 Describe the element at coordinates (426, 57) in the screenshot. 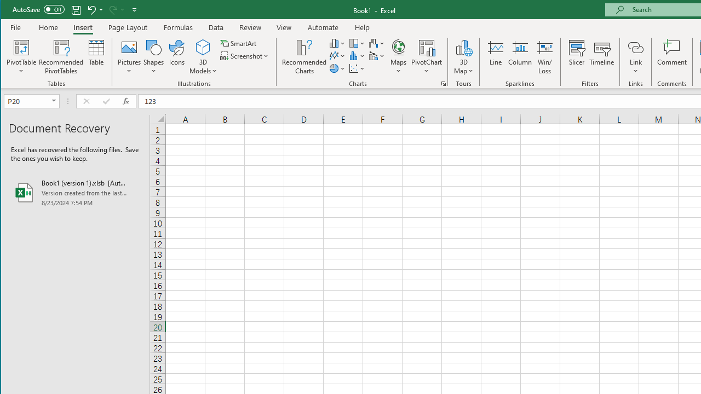

I see `'PivotChart'` at that location.